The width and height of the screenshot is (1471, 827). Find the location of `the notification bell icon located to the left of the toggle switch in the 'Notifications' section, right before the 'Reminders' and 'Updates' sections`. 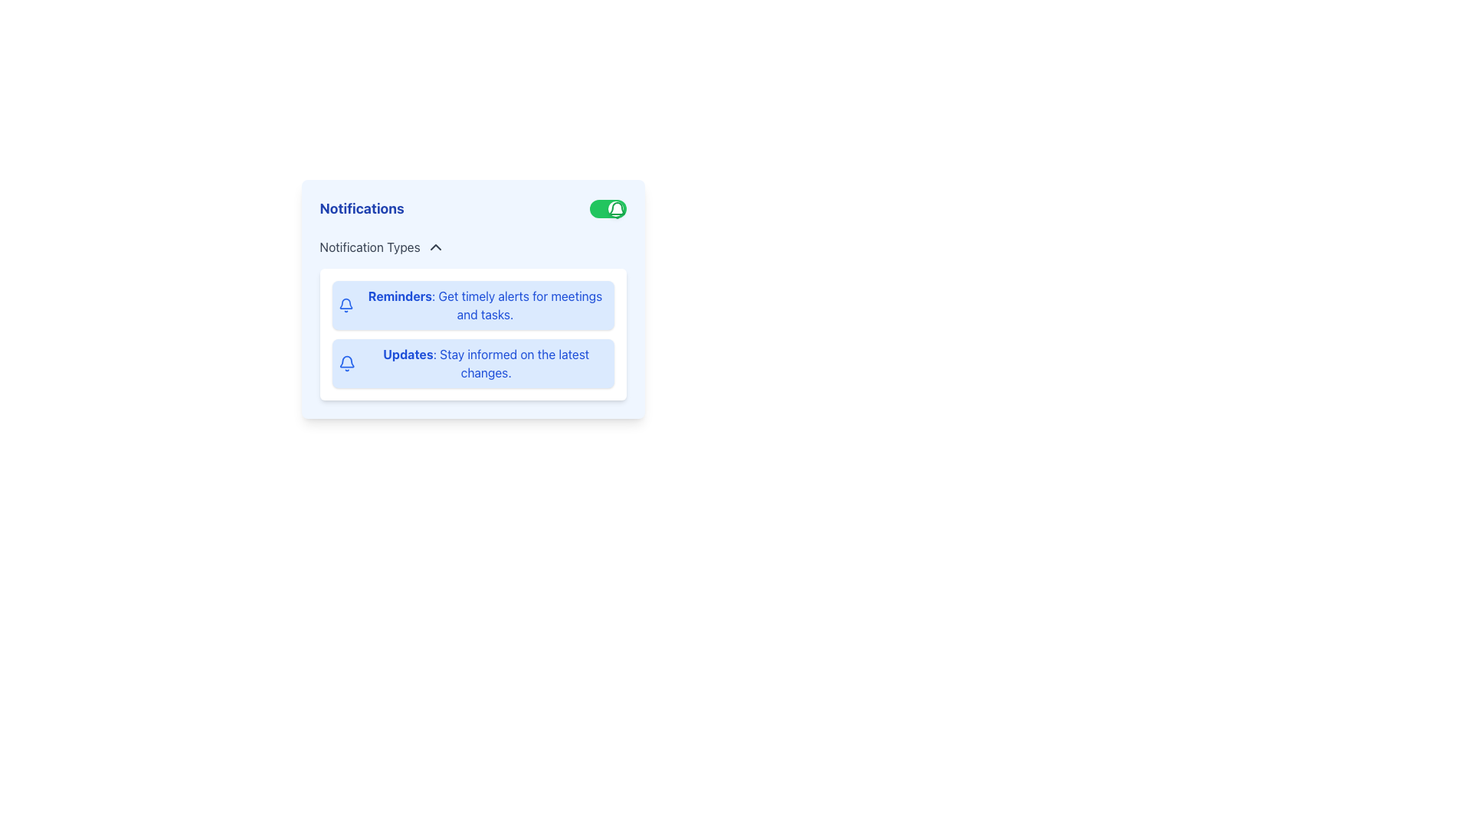

the notification bell icon located to the left of the toggle switch in the 'Notifications' section, right before the 'Reminders' and 'Updates' sections is located at coordinates (346, 361).